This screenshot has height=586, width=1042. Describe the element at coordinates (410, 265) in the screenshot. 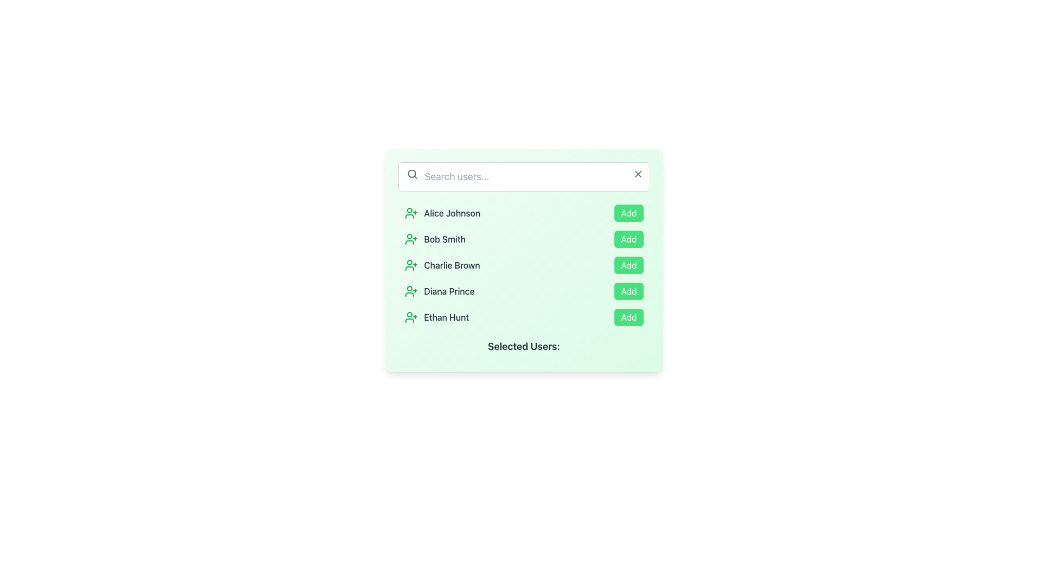

I see `the user icon representing user addition for 'Charlie Brown' in the user selection interface` at that location.